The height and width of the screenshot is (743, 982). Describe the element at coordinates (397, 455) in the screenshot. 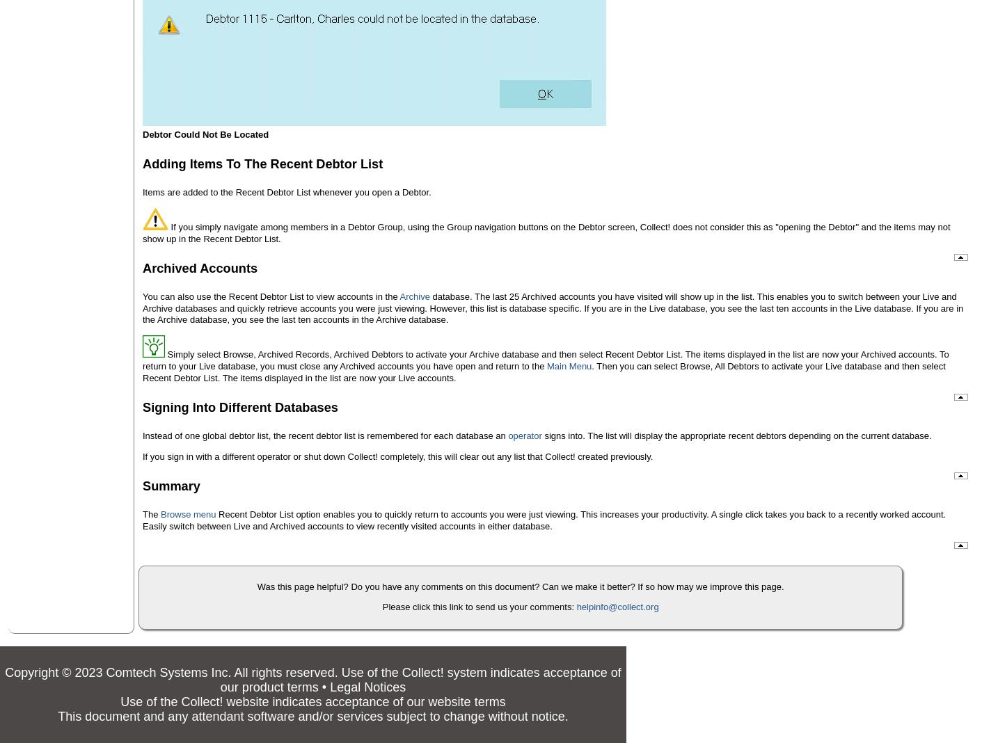

I see `'If you sign in with a different operator or shut down Collect!
completely, this will clear out any list that Collect! created
previously.'` at that location.